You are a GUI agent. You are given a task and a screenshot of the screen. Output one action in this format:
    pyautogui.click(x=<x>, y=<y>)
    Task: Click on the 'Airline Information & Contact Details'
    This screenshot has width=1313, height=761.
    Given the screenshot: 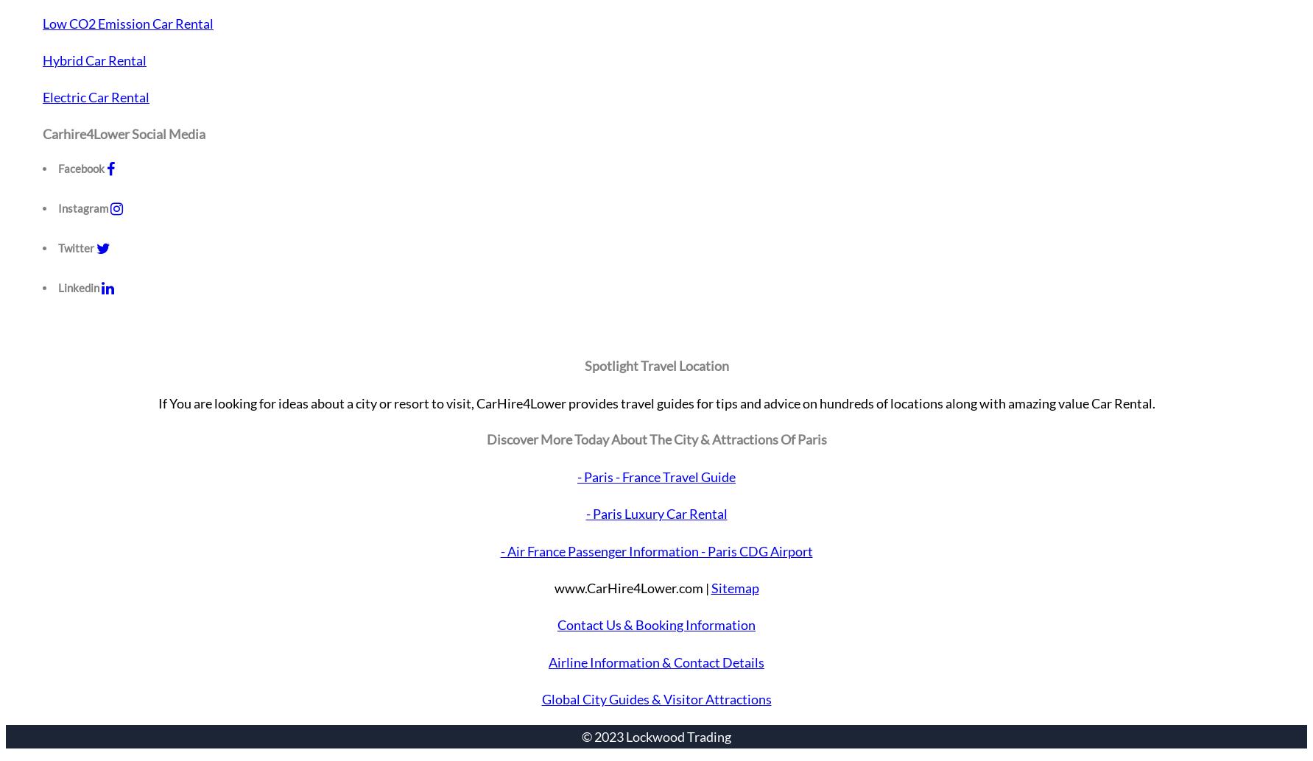 What is the action you would take?
    pyautogui.click(x=656, y=660)
    